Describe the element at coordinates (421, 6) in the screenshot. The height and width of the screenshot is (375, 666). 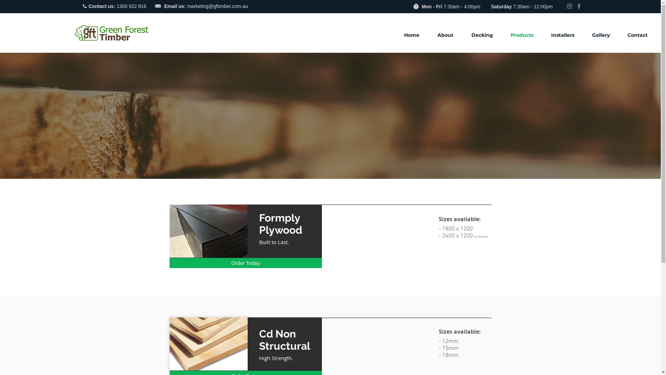
I see `'Mon - Fri 7:30am - 4:00pm'` at that location.